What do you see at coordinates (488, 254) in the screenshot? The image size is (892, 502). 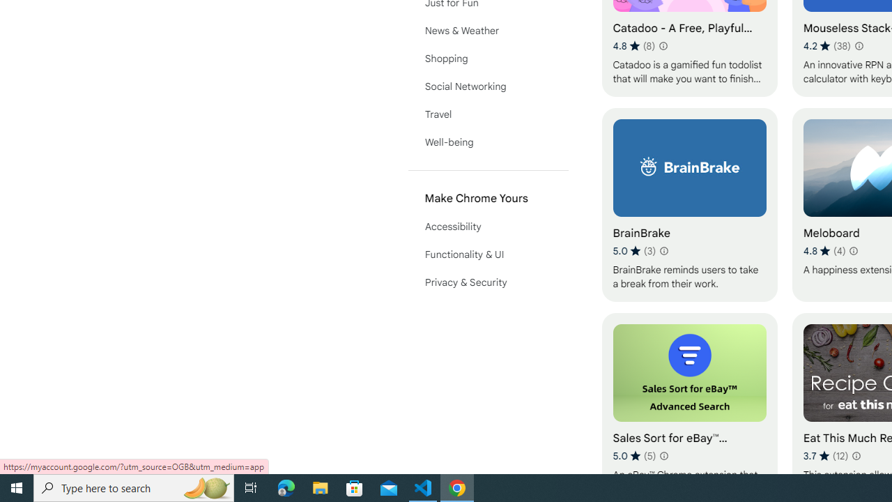 I see `'Functionality & UI'` at bounding box center [488, 254].